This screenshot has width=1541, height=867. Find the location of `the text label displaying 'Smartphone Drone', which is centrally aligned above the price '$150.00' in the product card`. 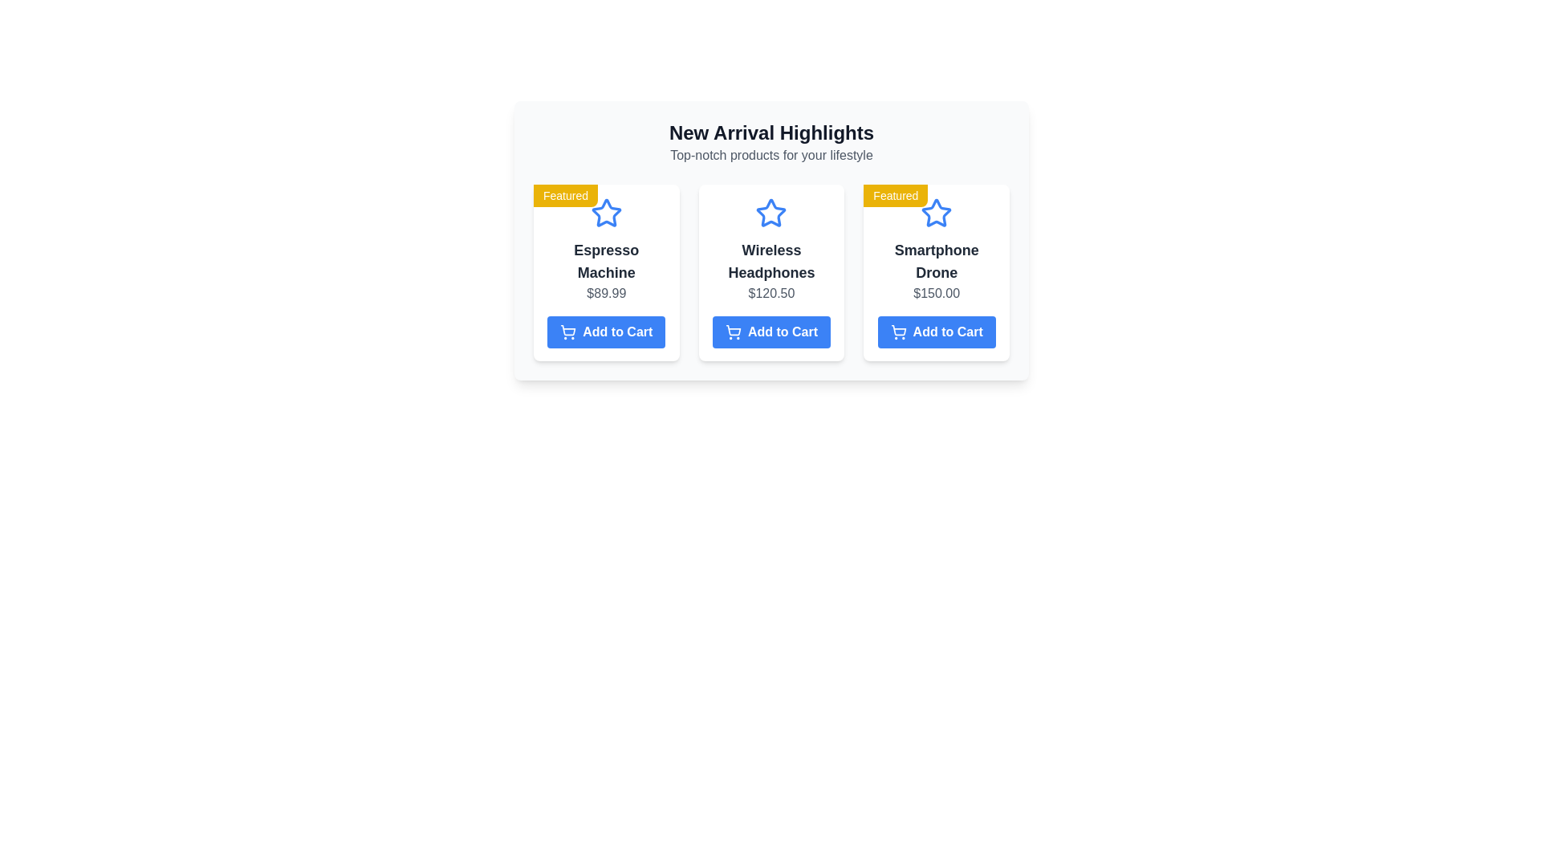

the text label displaying 'Smartphone Drone', which is centrally aligned above the price '$150.00' in the product card is located at coordinates (937, 261).